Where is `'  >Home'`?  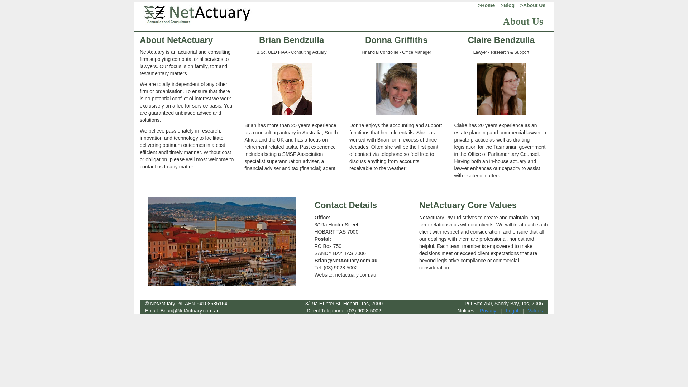
'  >Home' is located at coordinates (473, 5).